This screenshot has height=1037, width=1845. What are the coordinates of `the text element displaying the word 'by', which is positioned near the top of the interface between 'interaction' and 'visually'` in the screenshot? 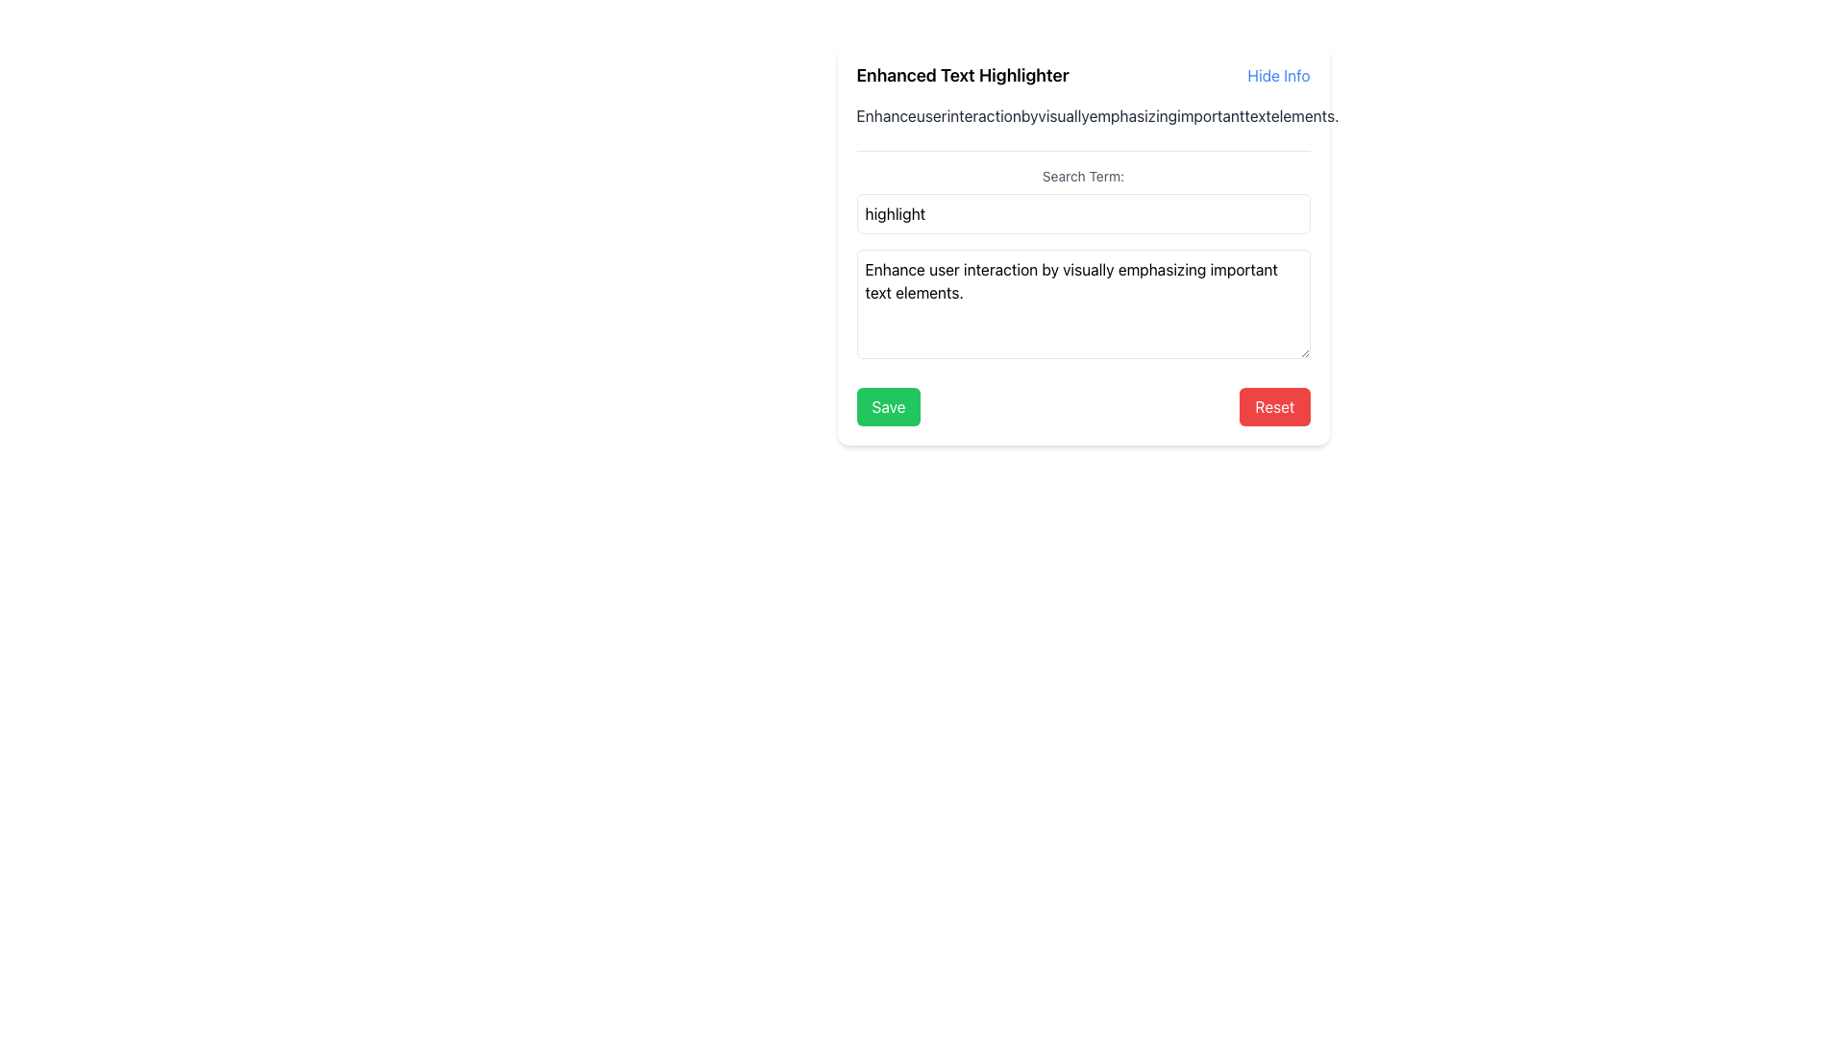 It's located at (1028, 115).